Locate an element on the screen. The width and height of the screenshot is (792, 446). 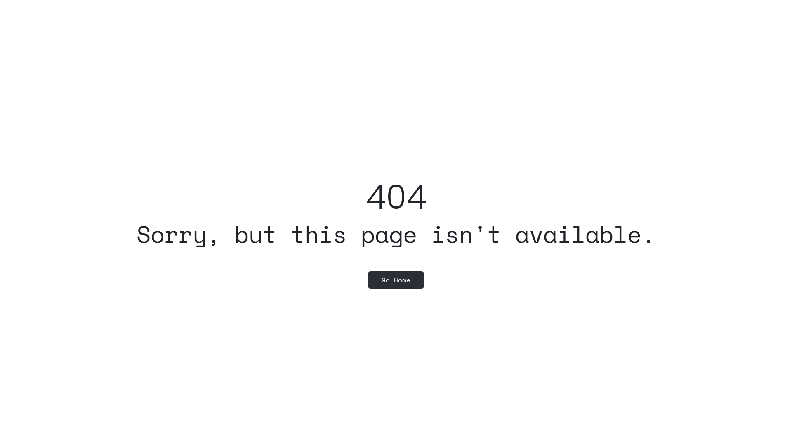
'Go Home' is located at coordinates (396, 280).